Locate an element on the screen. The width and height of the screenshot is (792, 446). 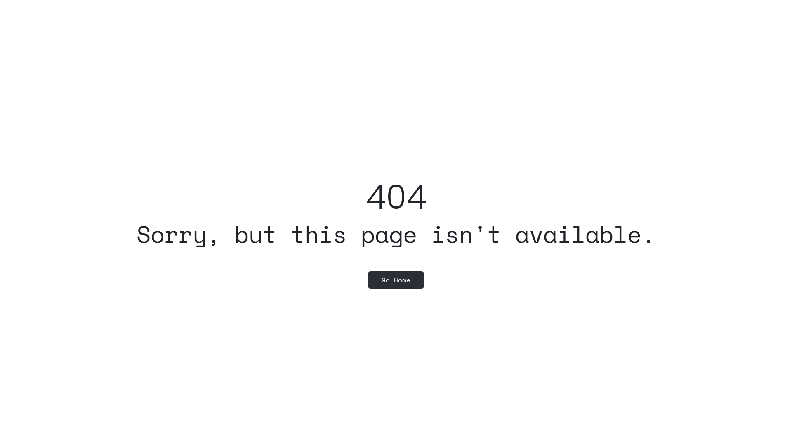
'Go Home' is located at coordinates (396, 280).